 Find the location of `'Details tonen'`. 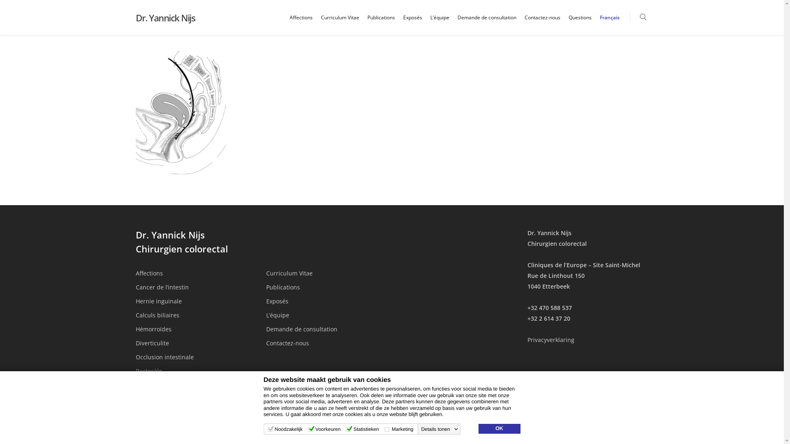

'Details tonen' is located at coordinates (439, 429).